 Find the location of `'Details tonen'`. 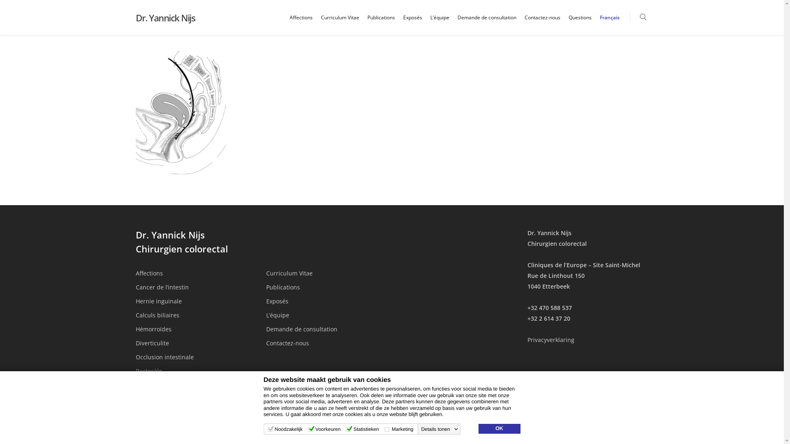

'Details tonen' is located at coordinates (439, 429).